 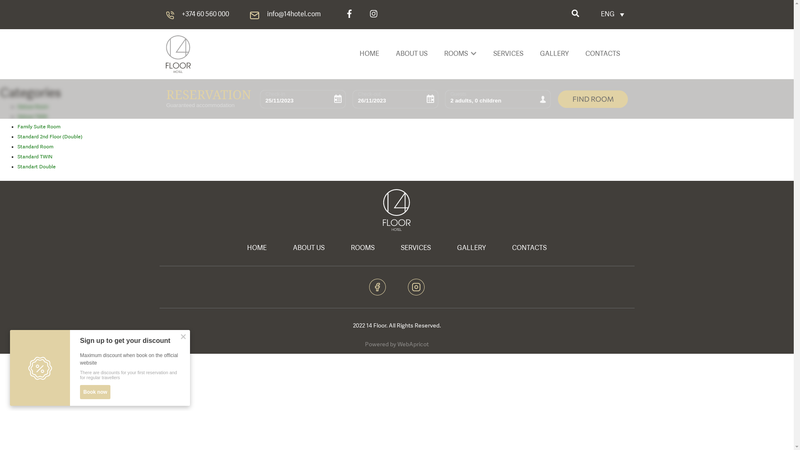 I want to click on '+374 60 560 000', so click(x=205, y=14).